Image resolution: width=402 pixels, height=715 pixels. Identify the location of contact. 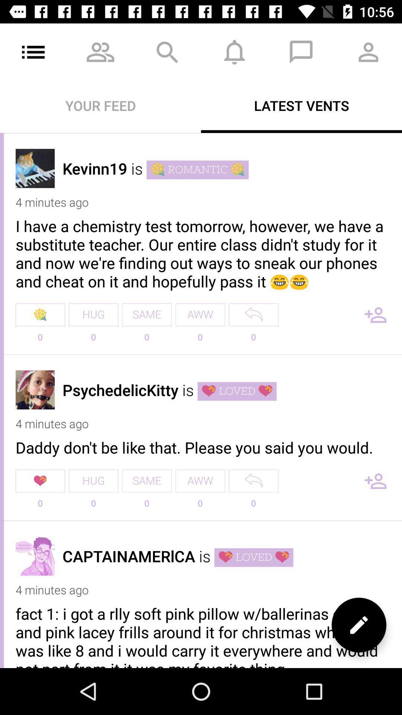
(376, 481).